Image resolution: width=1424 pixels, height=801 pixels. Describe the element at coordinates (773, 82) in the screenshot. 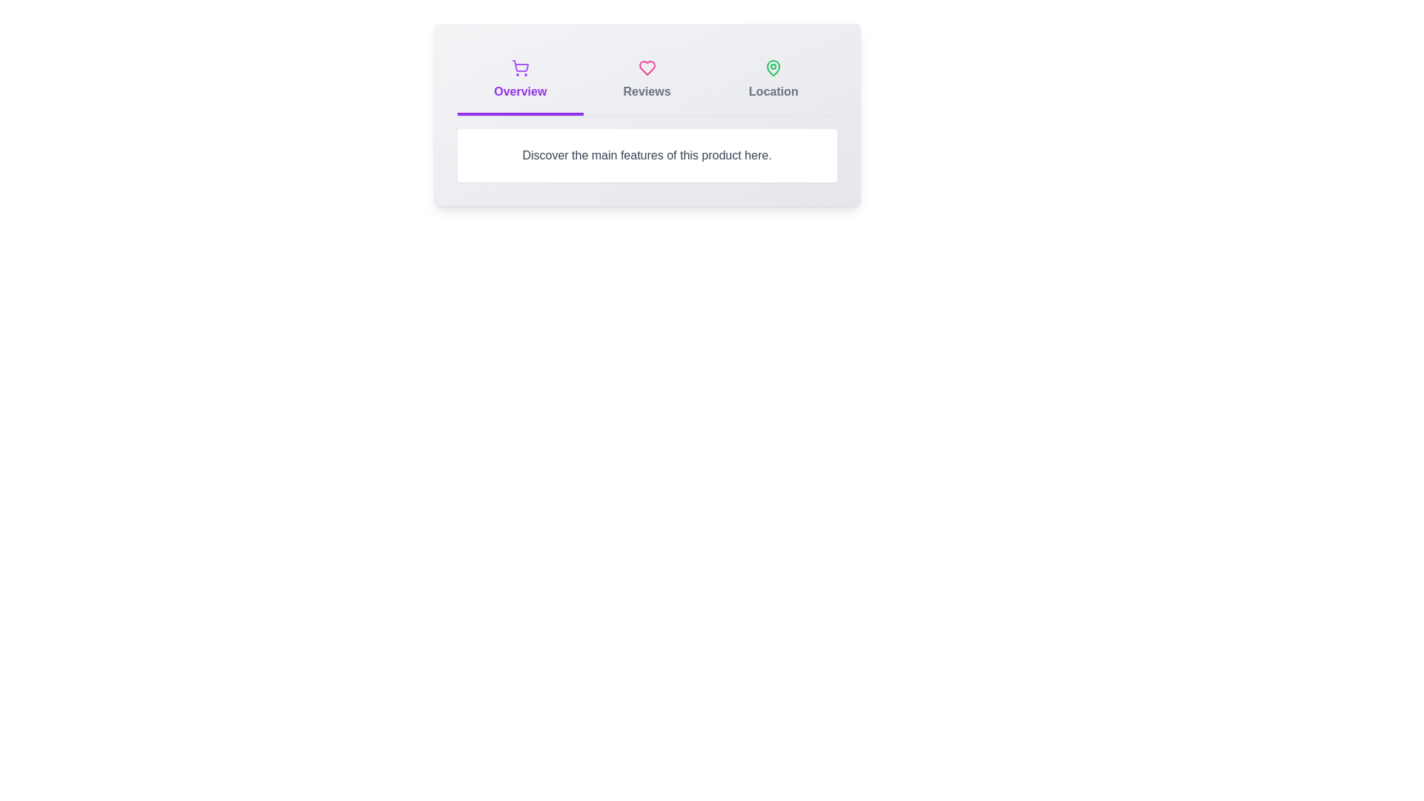

I see `the tab labeled Location to switch to the corresponding tab` at that location.